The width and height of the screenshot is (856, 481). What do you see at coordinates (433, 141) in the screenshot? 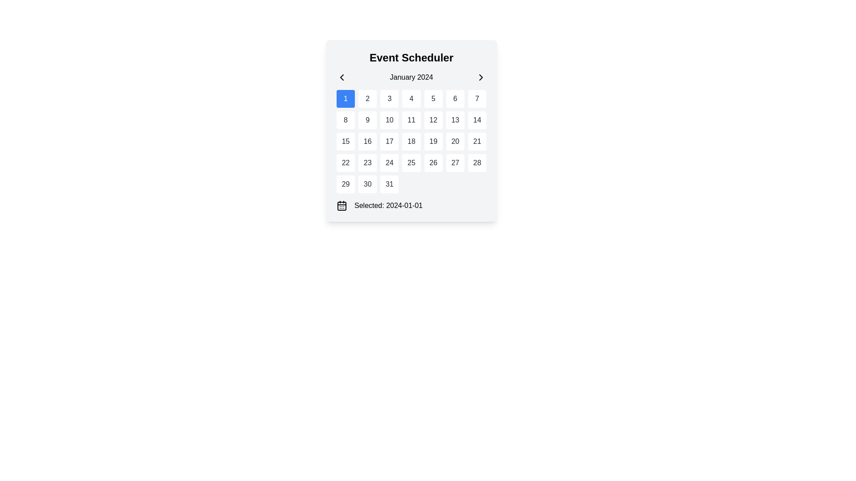
I see `the date selector button representing January 19th, 2024, in the Event Scheduler section` at bounding box center [433, 141].